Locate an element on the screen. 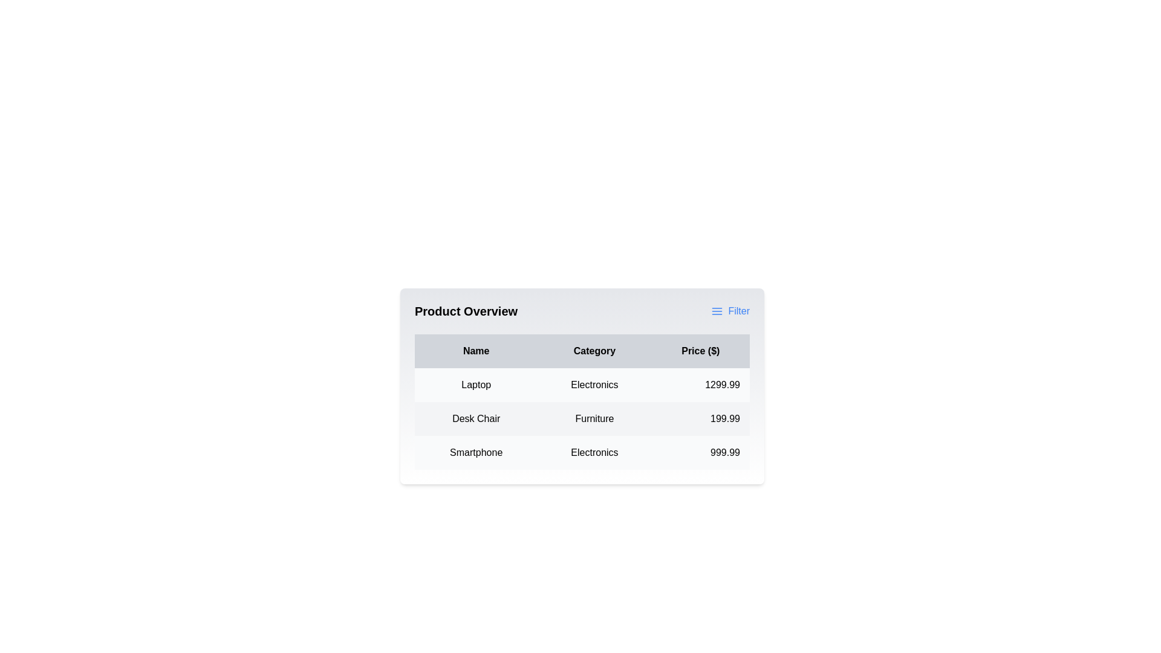  the first row of the 'Product Overview' table, which contains 'Laptop', 'Electronics', and '1299.99' is located at coordinates (582, 385).